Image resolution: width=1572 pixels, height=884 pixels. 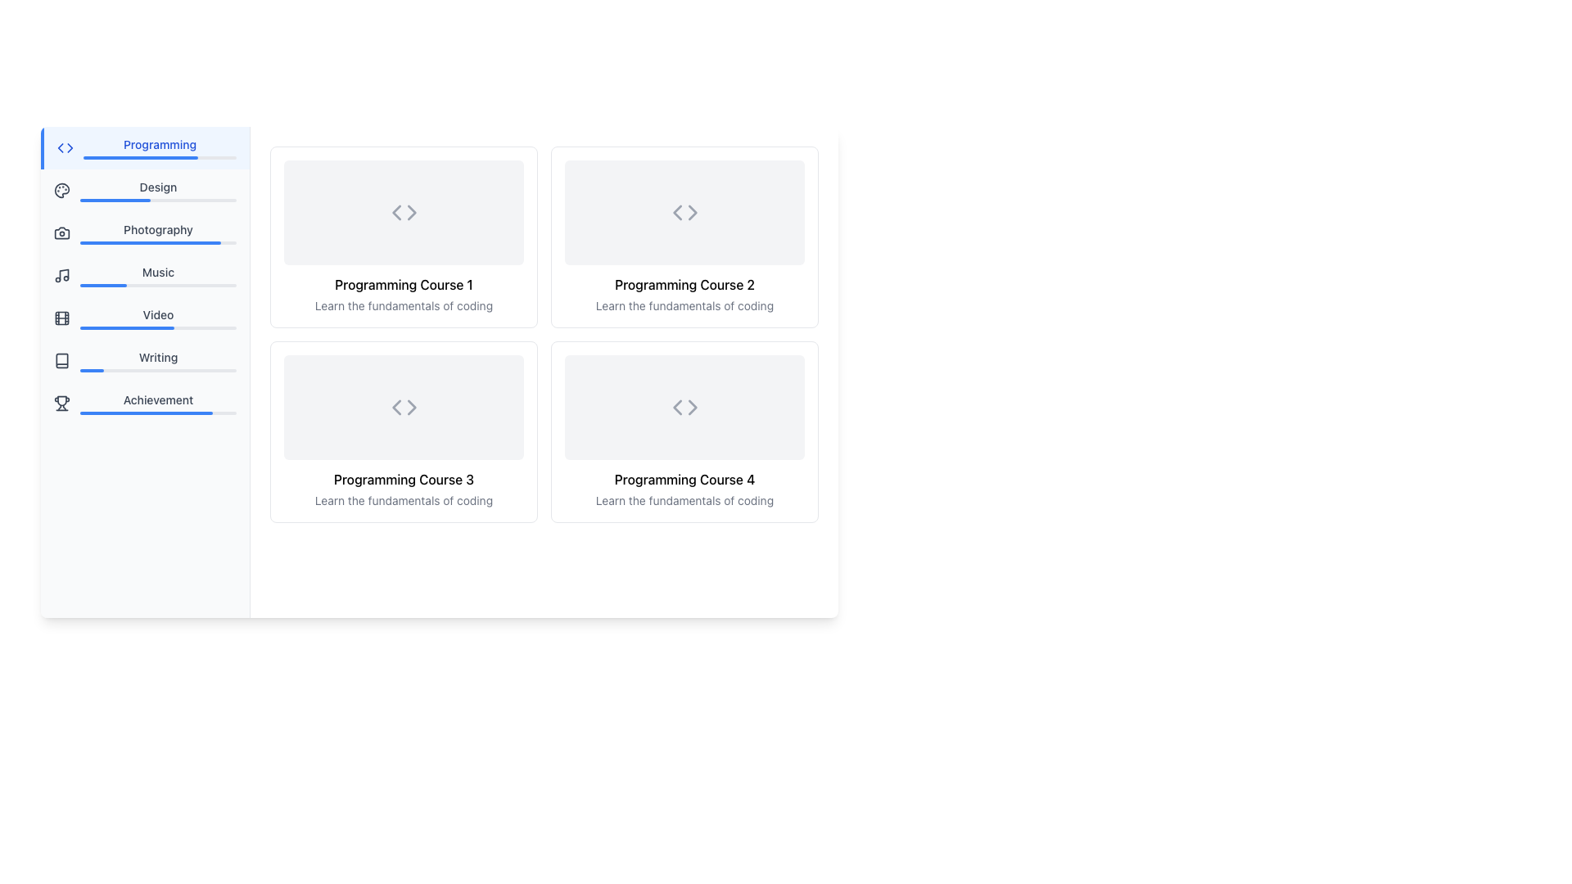 I want to click on progress bar located below the 'Video' text in the left sidebar menu, which has a light gray background and a blue fill indicating 60% completion, so click(x=158, y=328).